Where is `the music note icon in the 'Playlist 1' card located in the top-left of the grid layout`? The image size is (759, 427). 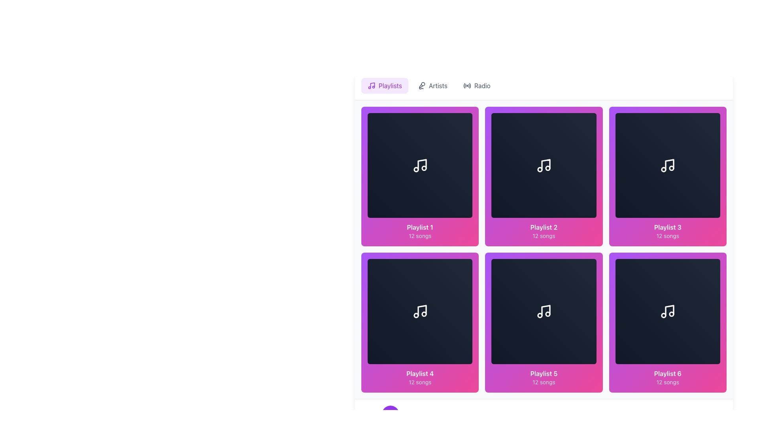 the music note icon in the 'Playlist 1' card located in the top-left of the grid layout is located at coordinates (421, 164).